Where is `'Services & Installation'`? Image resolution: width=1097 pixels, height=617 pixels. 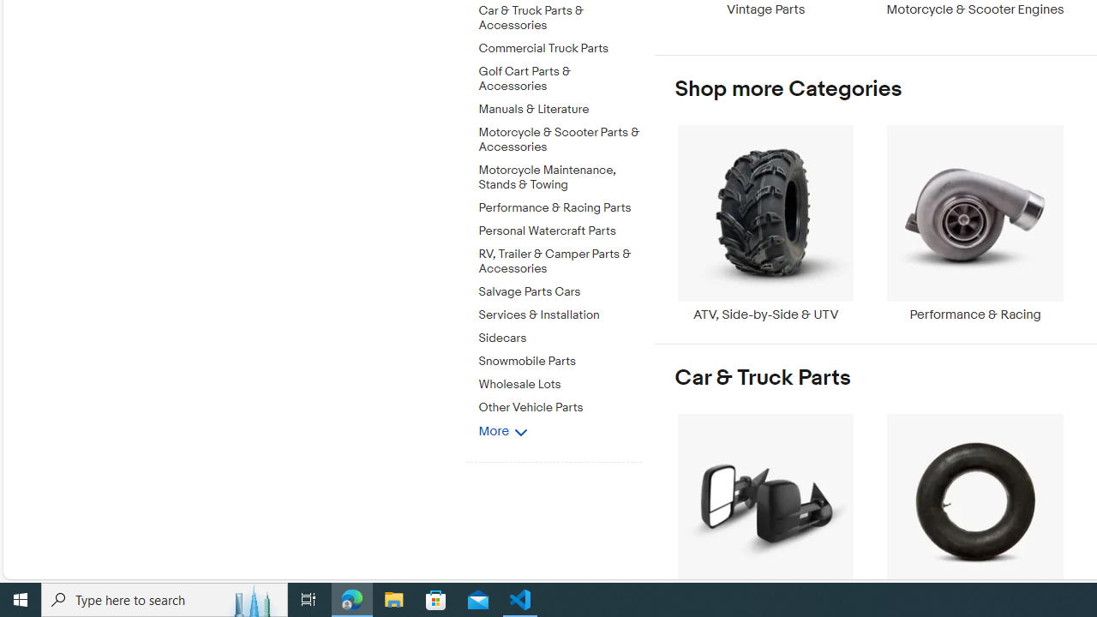 'Services & Installation' is located at coordinates (560, 315).